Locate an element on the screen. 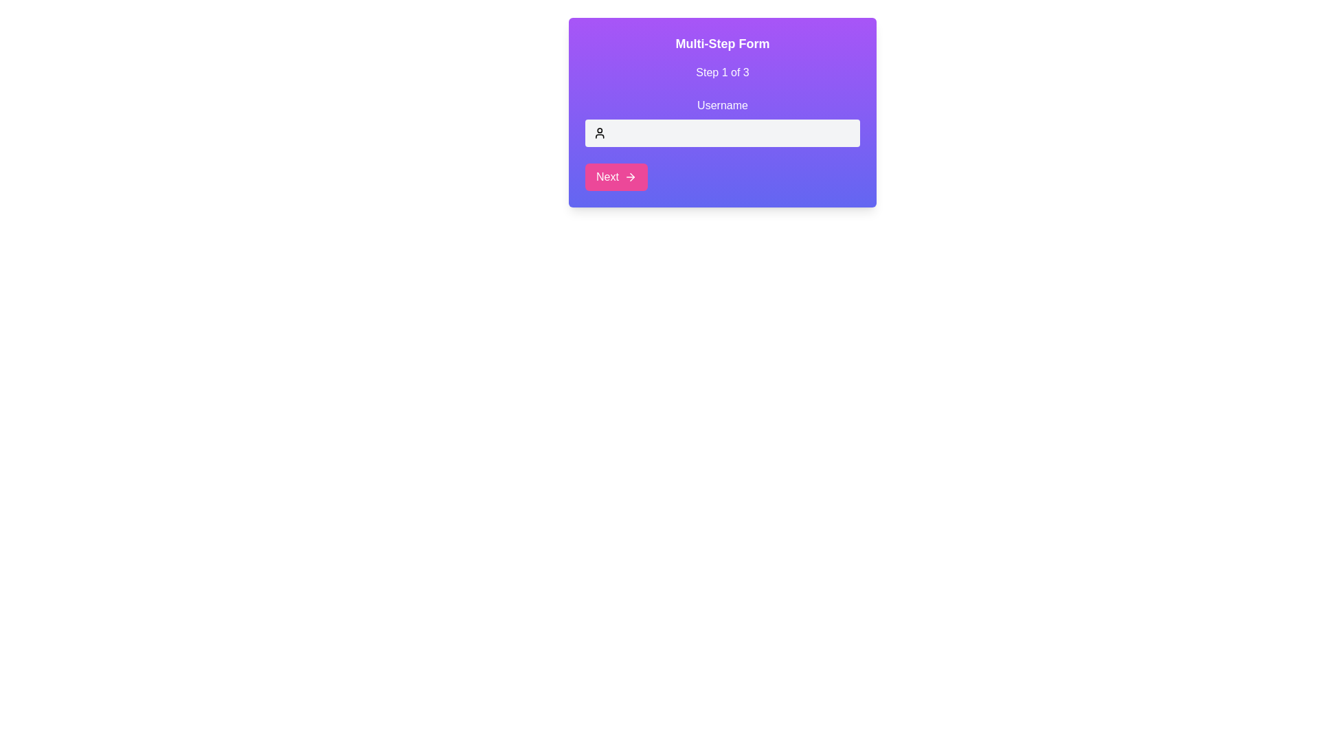  the label located in the bottom-left section of the button, which indicates the next step in a multi-step process is located at coordinates (607, 177).